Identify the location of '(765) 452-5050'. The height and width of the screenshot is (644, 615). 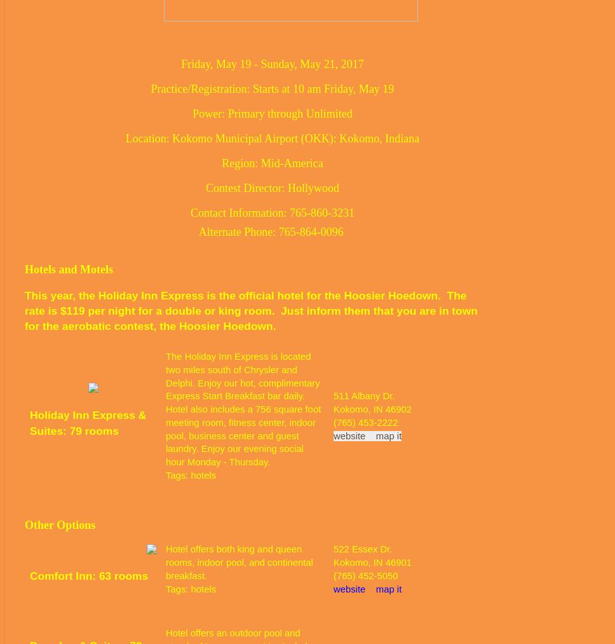
(333, 575).